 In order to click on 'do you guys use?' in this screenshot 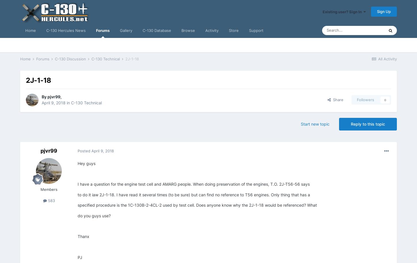, I will do `click(94, 215)`.